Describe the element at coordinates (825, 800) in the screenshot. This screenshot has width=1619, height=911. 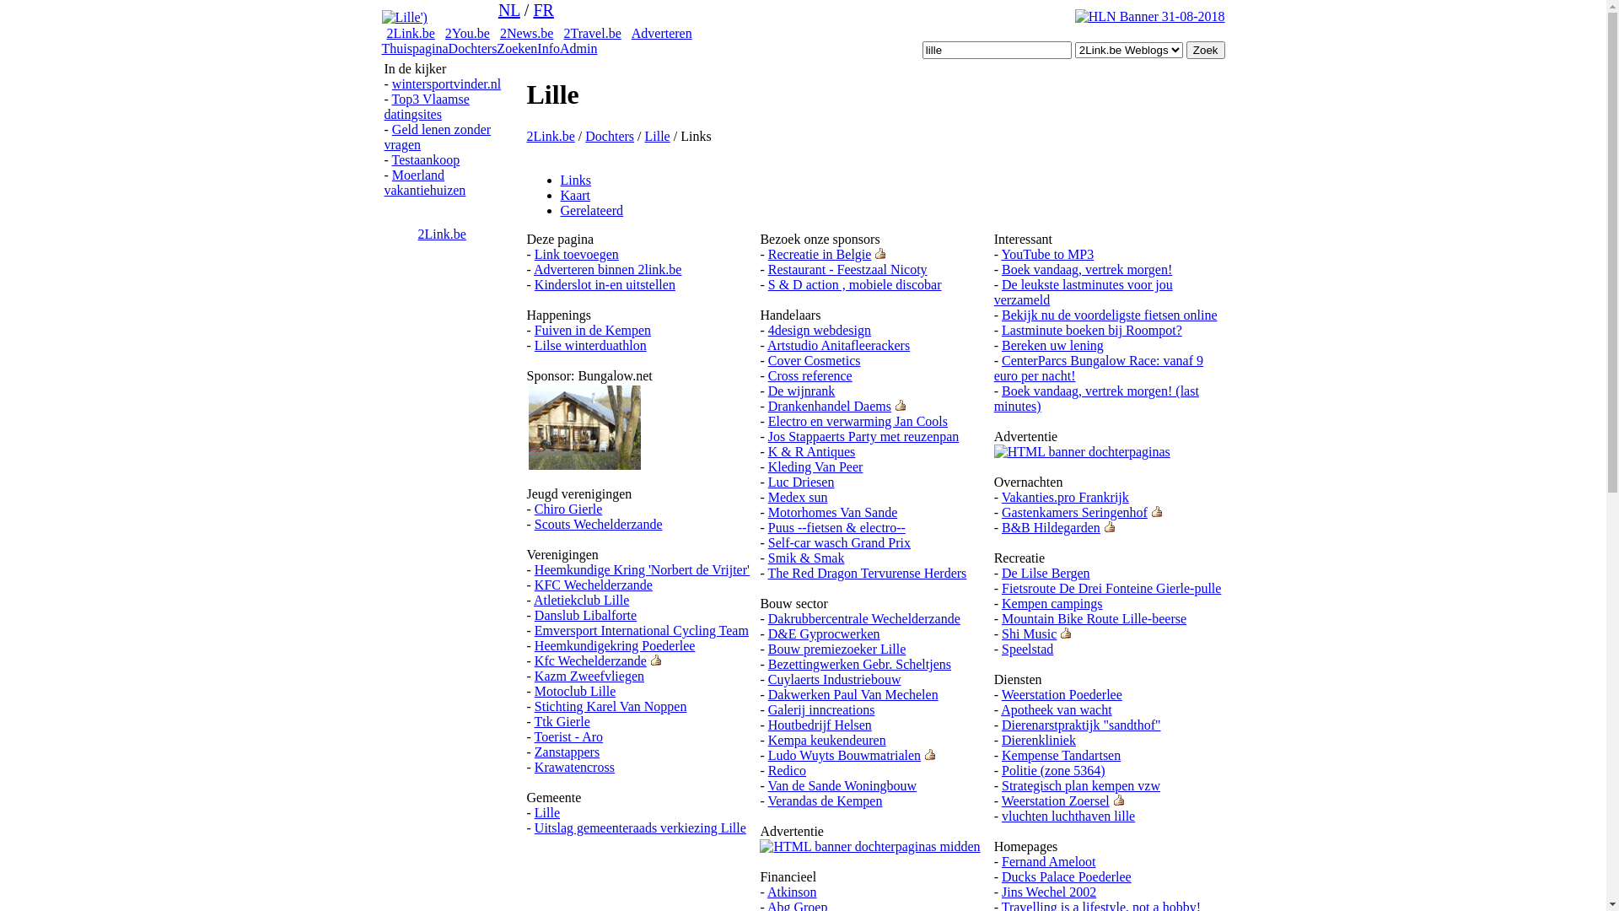
I see `'Verandas de Kempen'` at that location.